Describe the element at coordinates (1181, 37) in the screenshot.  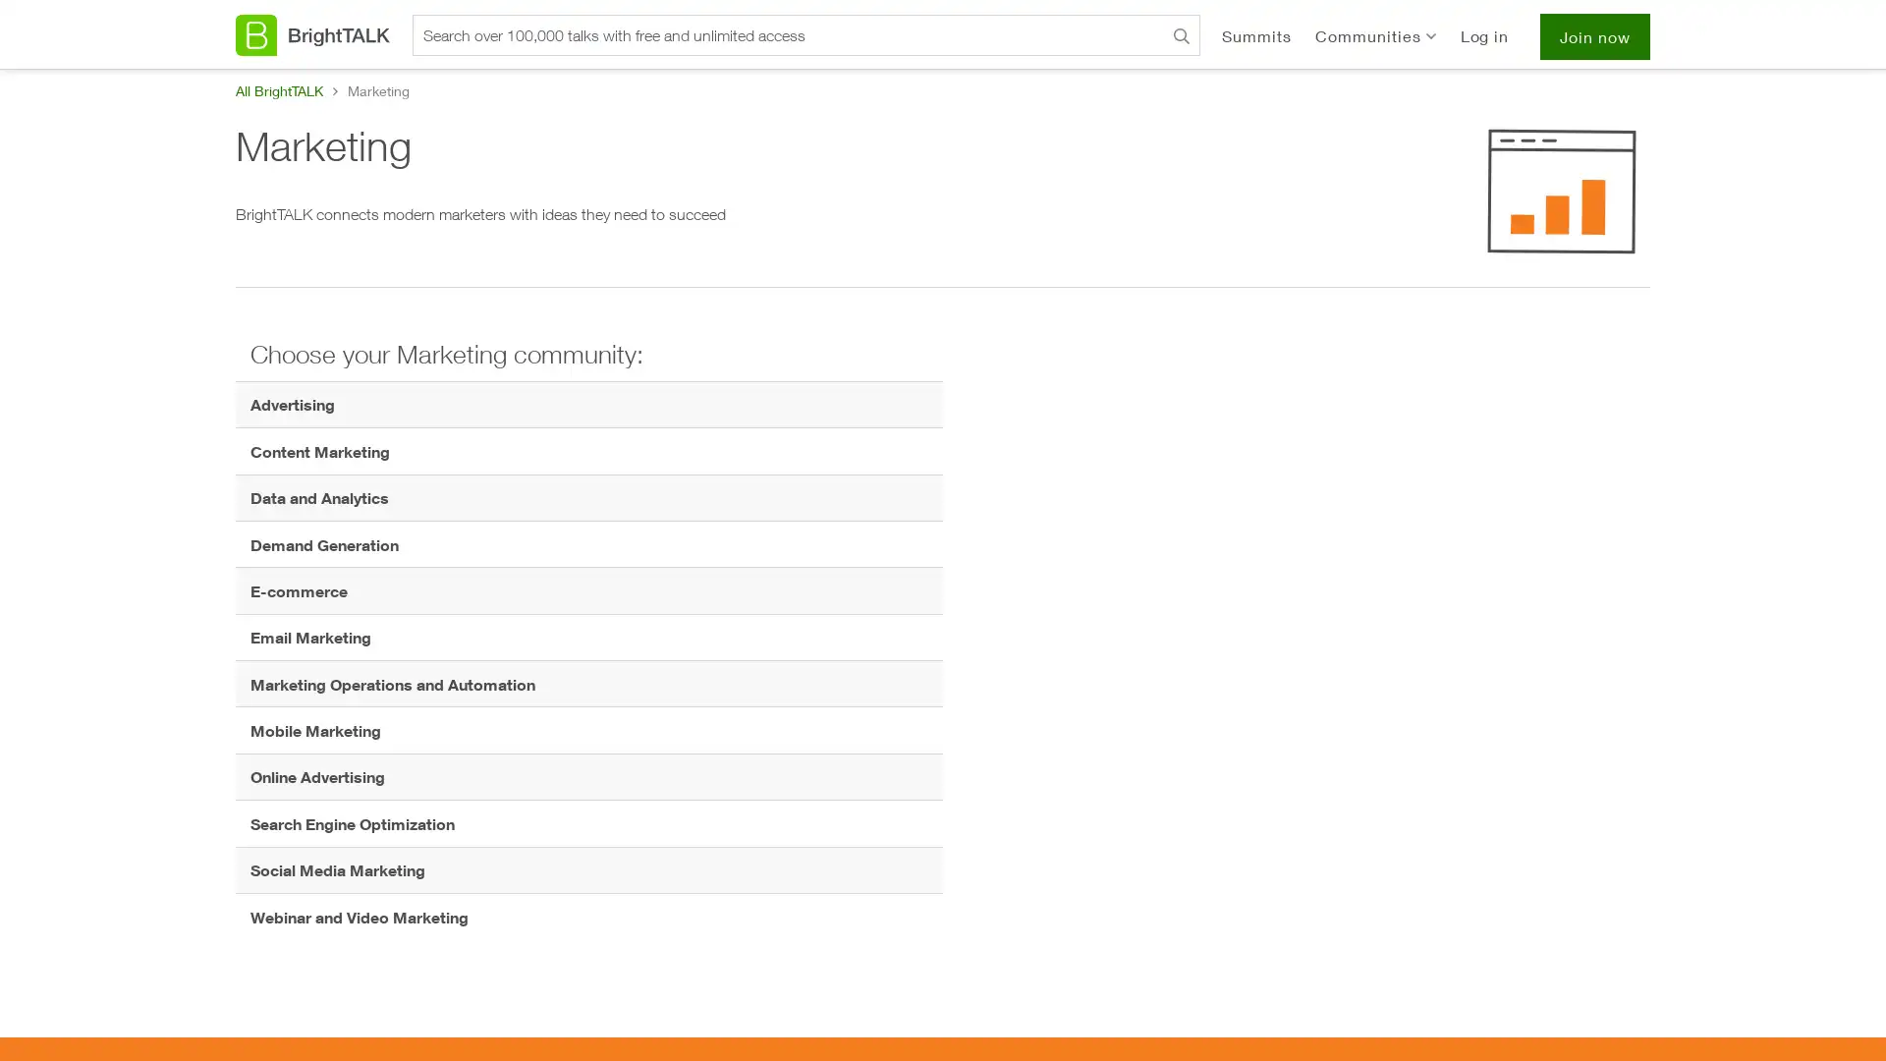
I see `Search BrightTALK` at that location.